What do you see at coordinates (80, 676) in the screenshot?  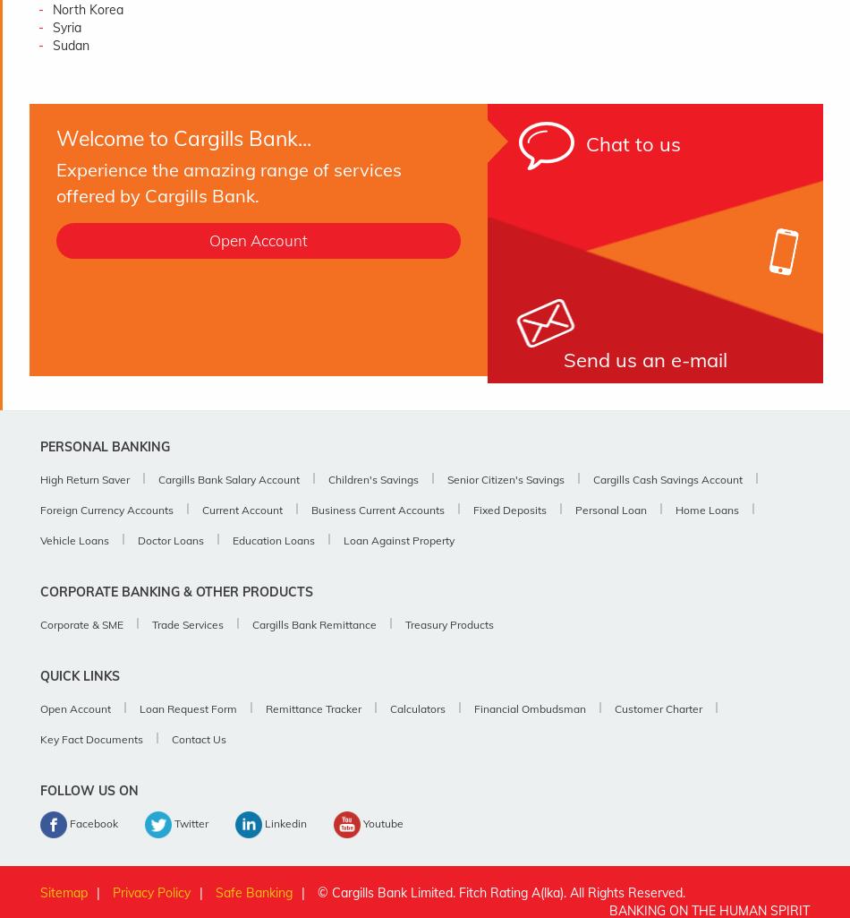 I see `'QUICK LINKS'` at bounding box center [80, 676].